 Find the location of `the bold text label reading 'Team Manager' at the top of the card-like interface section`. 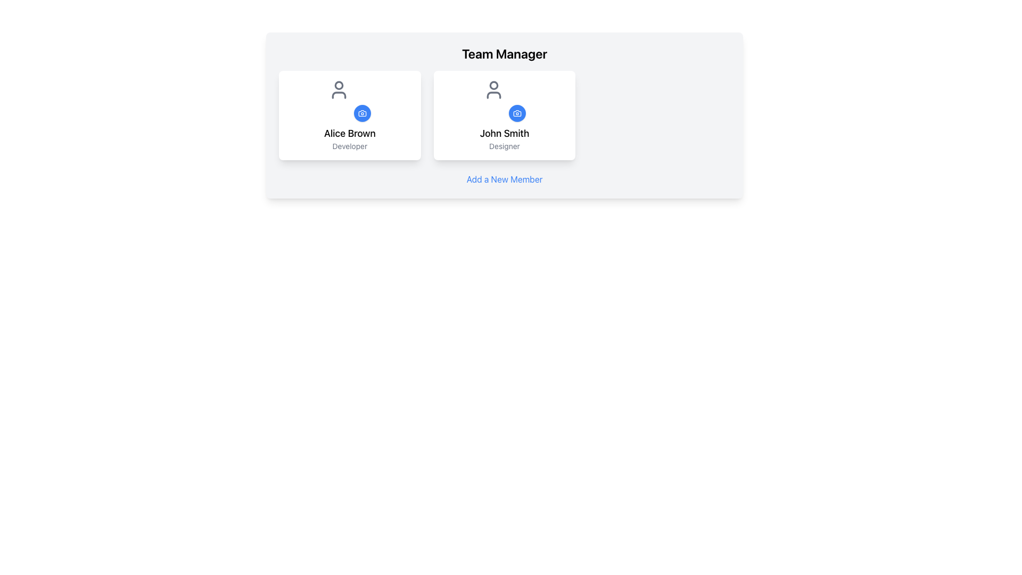

the bold text label reading 'Team Manager' at the top of the card-like interface section is located at coordinates (504, 53).